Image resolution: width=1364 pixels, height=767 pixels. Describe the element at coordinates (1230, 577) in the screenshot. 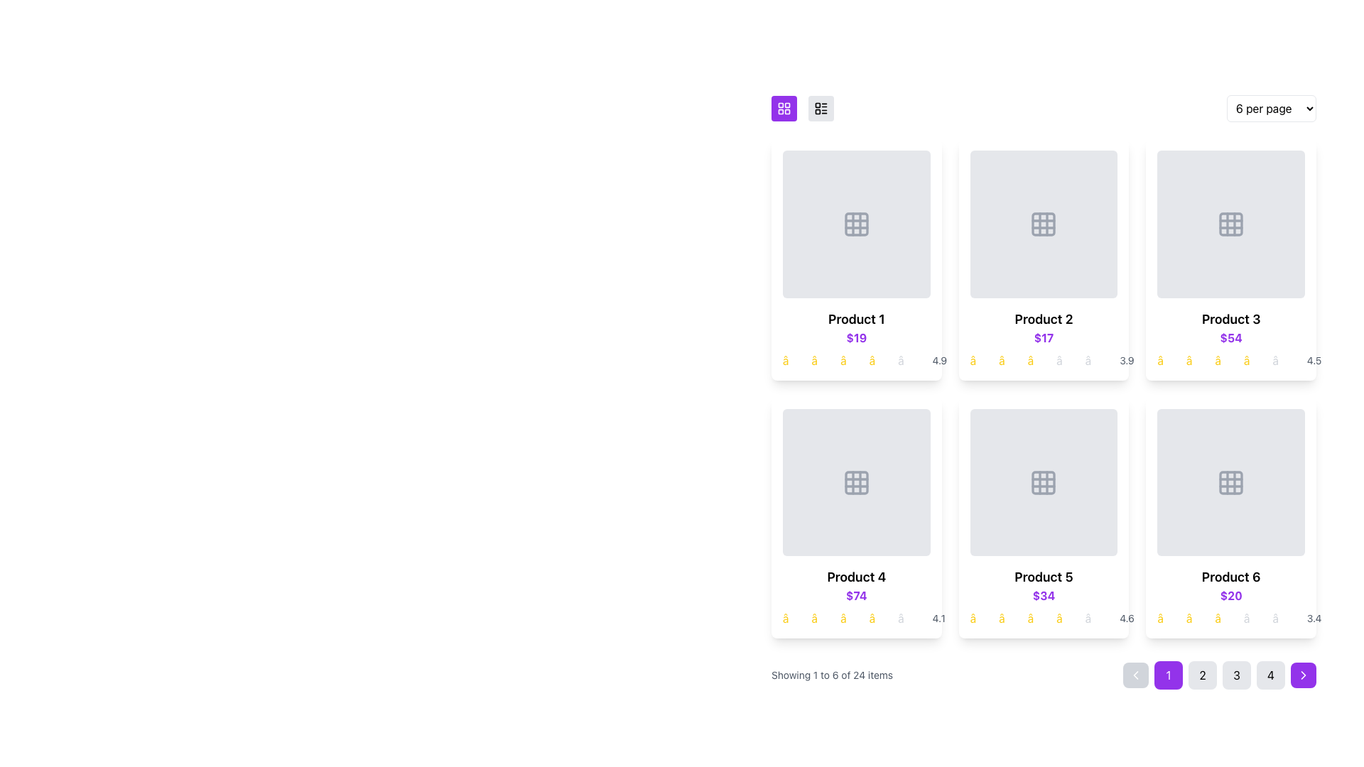

I see `the text label element that displays 'Product 6', which is styled in bold and larger font, located at the top of the sixth product display card in the bottom-right position of the grid layout` at that location.